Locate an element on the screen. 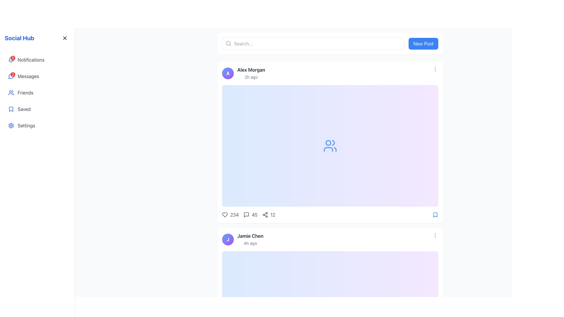 The height and width of the screenshot is (317, 564). the 'Settings' icon located at the bottom of the left sidebar menu is located at coordinates (11, 125).